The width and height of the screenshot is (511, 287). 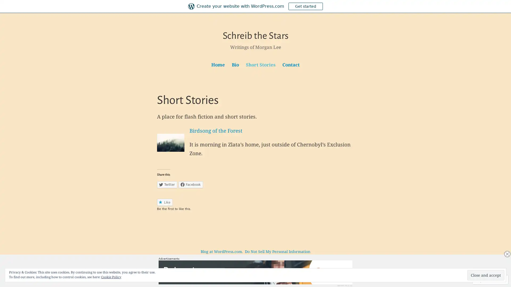 I want to click on Close and accept, so click(x=486, y=275).